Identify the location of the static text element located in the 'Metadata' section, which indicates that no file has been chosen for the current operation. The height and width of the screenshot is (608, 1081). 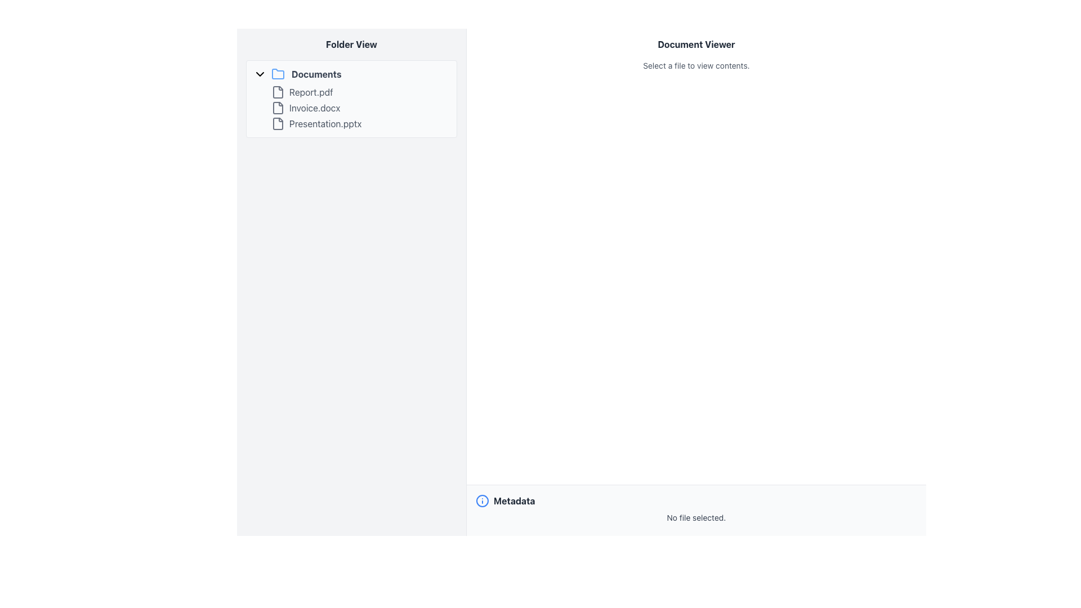
(696, 518).